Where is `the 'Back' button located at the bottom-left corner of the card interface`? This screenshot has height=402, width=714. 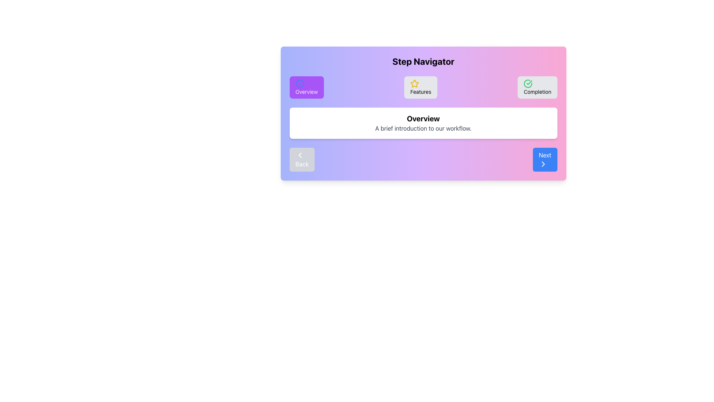 the 'Back' button located at the bottom-left corner of the card interface is located at coordinates (300, 154).